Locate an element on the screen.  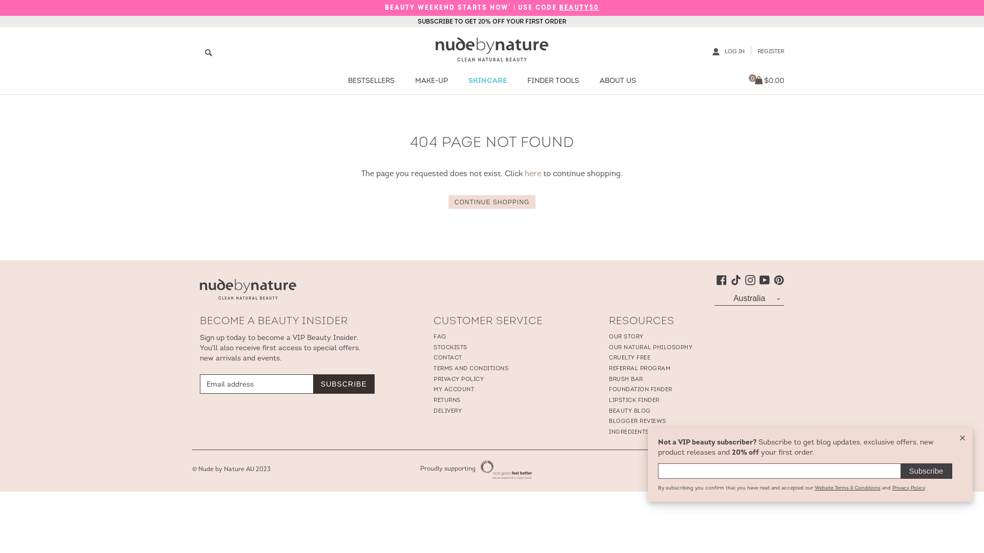
'SKINCARE' is located at coordinates (487, 80).